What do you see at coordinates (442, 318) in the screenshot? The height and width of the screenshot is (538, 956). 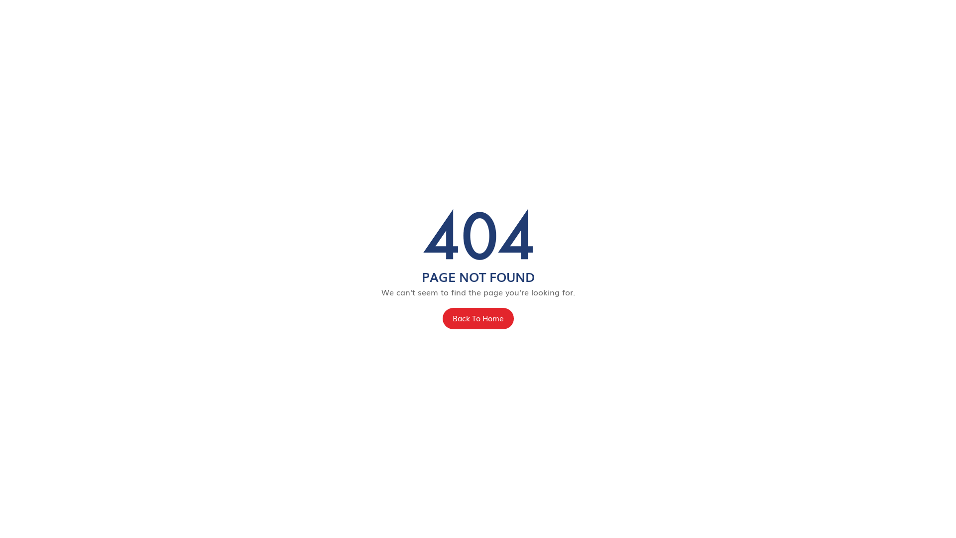 I see `'Back To Home'` at bounding box center [442, 318].